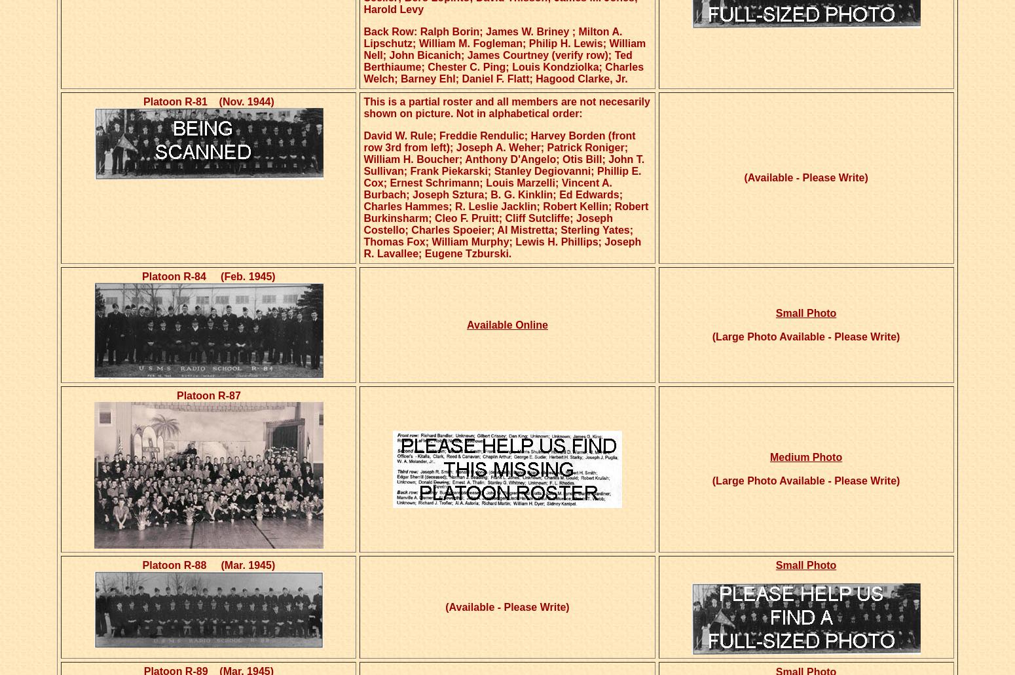 The width and height of the screenshot is (1015, 675). Describe the element at coordinates (208, 276) in the screenshot. I see `'Platoon R-84     
                
                (Feb. 1945)'` at that location.